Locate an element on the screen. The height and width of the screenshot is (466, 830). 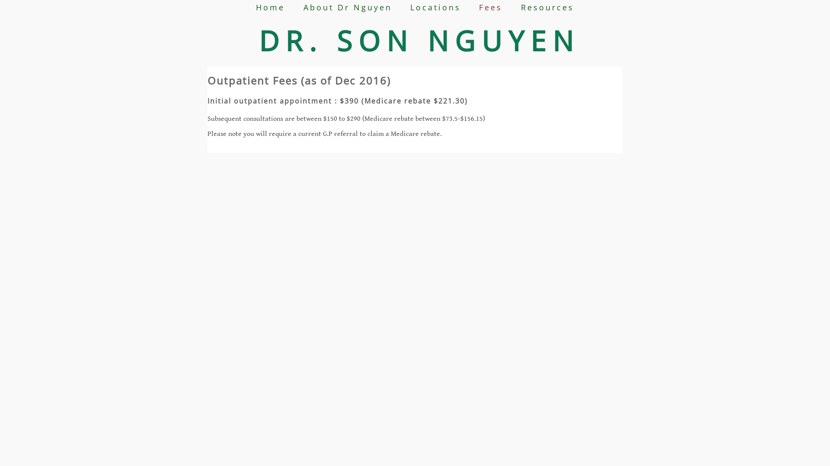
'About Dr Nguyen' is located at coordinates (303, 7).